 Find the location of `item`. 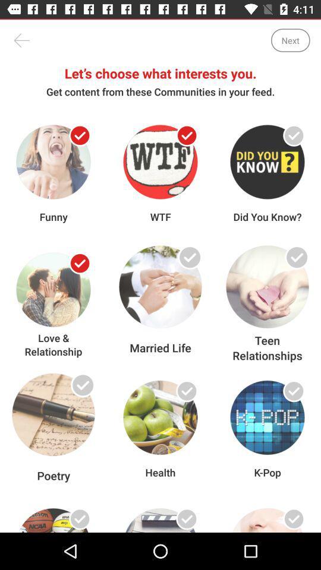

item is located at coordinates (80, 135).